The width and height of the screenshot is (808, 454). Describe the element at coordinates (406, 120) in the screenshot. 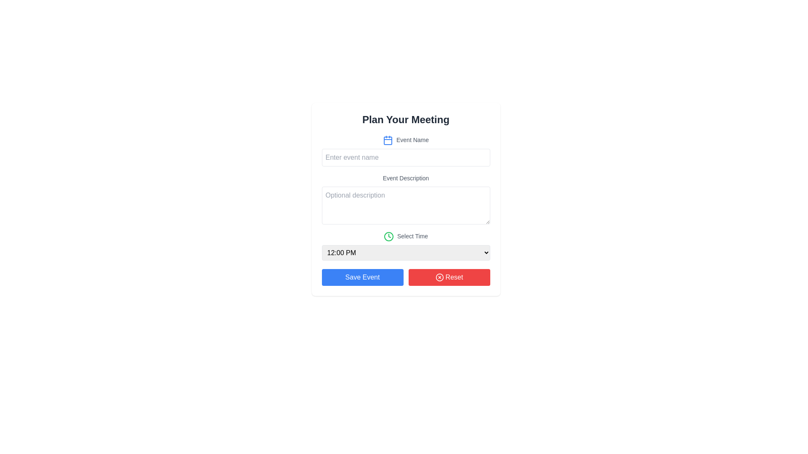

I see `the header text element that serves as the title for the form interface, located at the top of the content area` at that location.